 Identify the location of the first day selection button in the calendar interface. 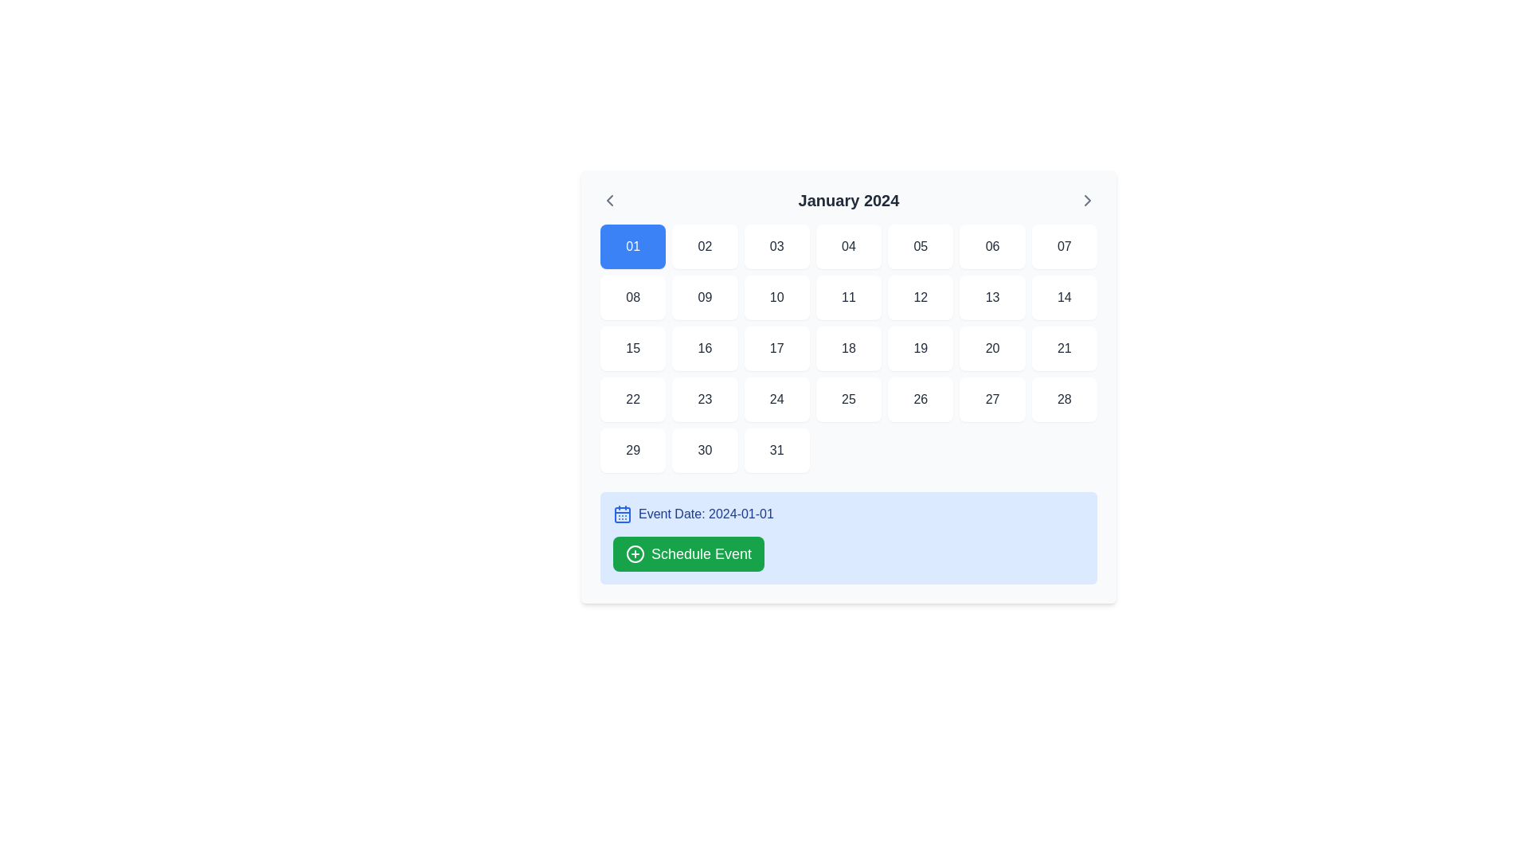
(632, 246).